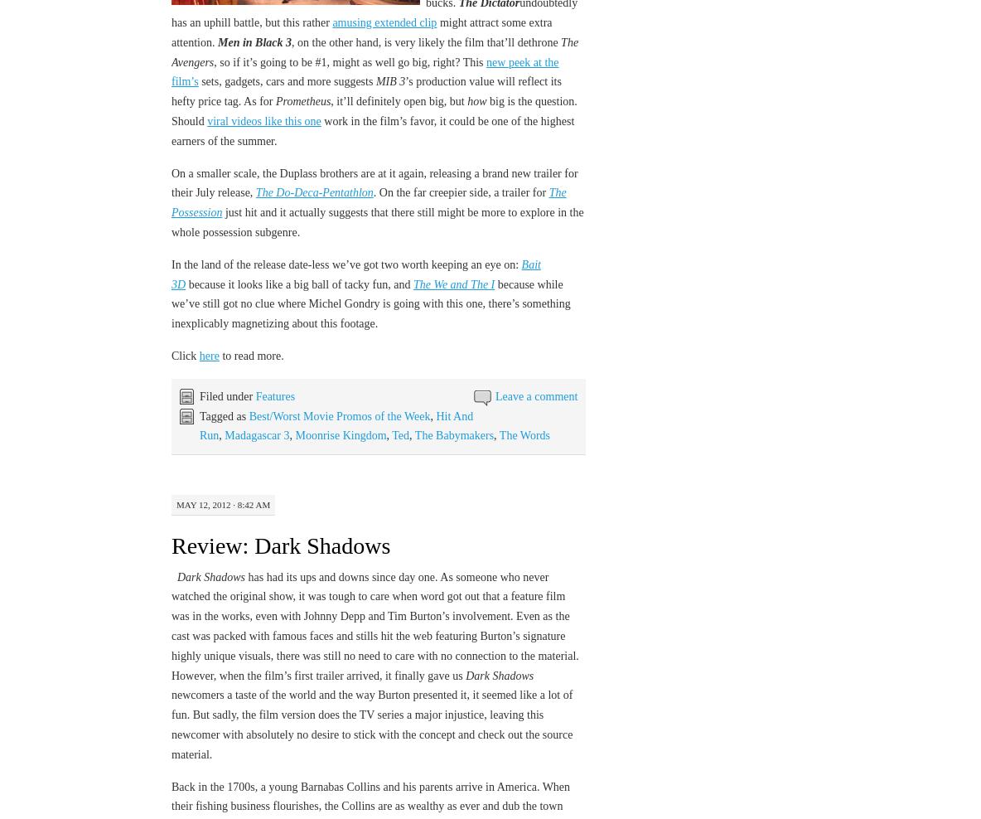  Describe the element at coordinates (199, 424) in the screenshot. I see `'Hit And Run'` at that location.